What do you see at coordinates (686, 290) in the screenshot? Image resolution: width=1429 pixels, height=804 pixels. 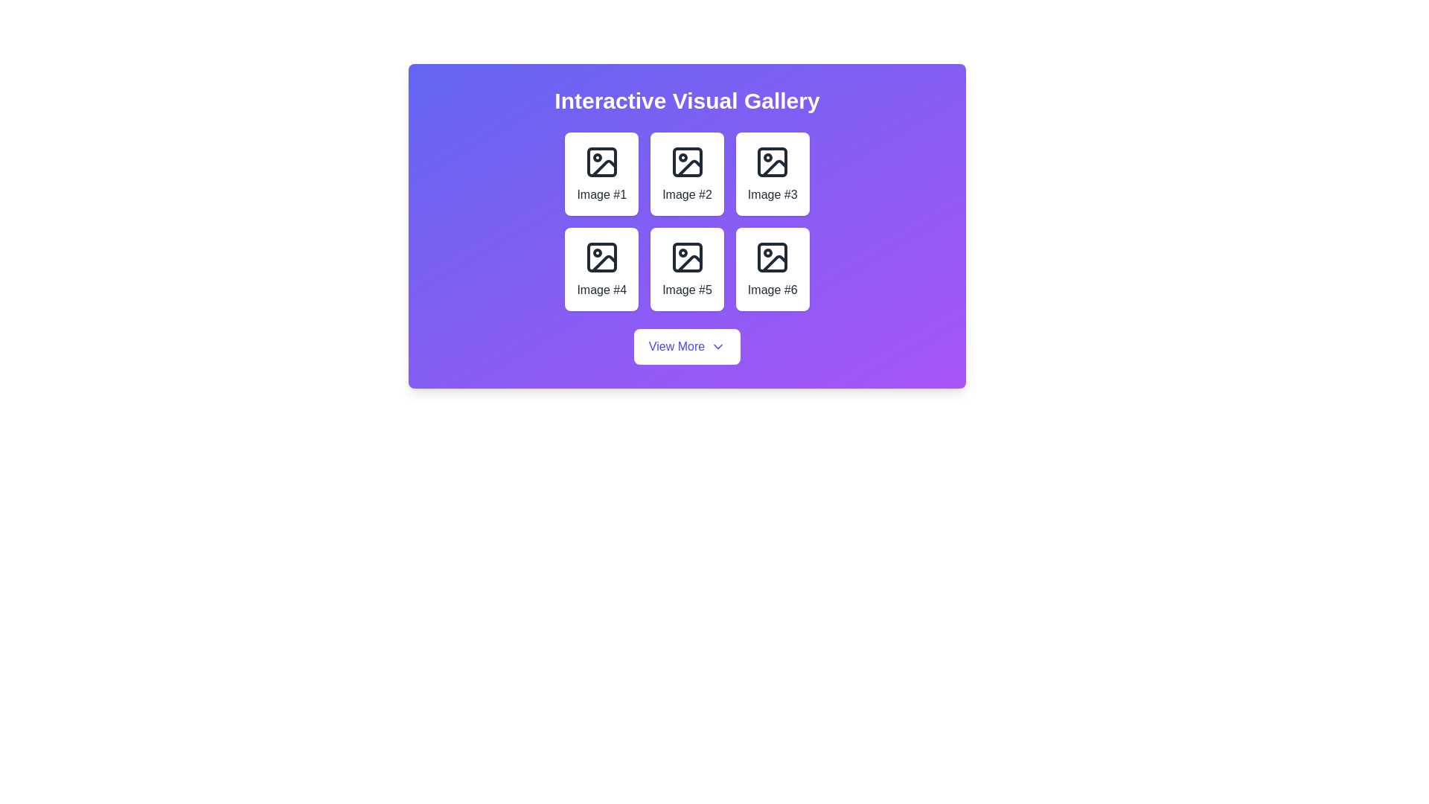 I see `text label that displays 'Image #5', which is styled with medium font weight and positioned below the image icon in the card layout` at bounding box center [686, 290].